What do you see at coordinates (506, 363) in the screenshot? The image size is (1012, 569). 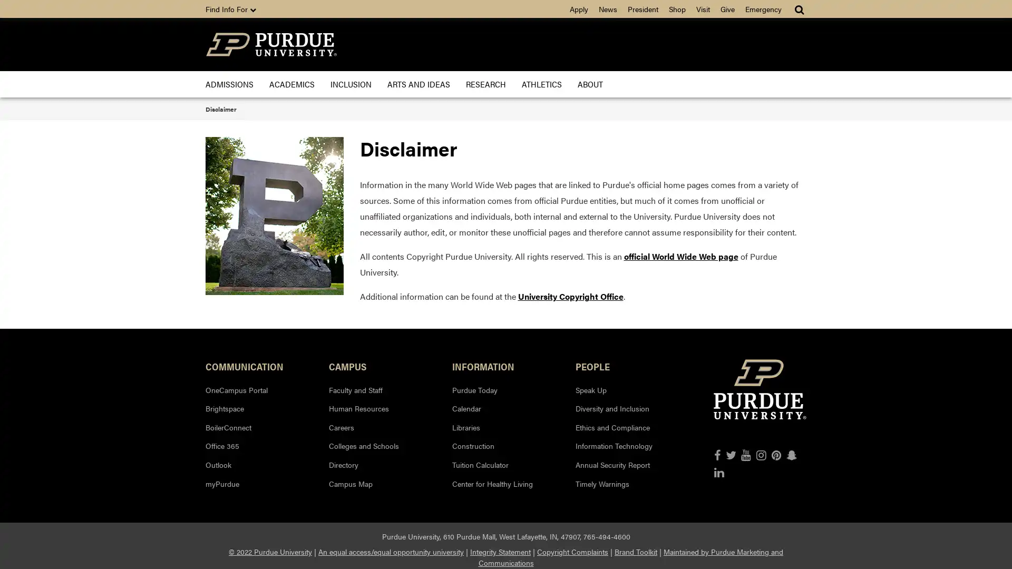 I see `INFORMATION` at bounding box center [506, 363].